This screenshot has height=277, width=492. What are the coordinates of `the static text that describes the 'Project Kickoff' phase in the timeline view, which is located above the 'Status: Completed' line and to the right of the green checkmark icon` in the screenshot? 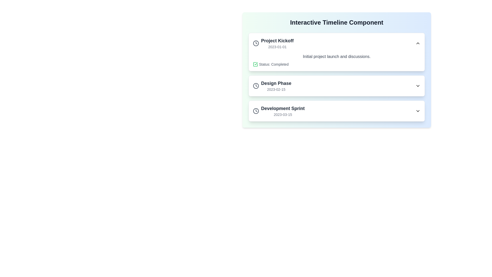 It's located at (337, 56).